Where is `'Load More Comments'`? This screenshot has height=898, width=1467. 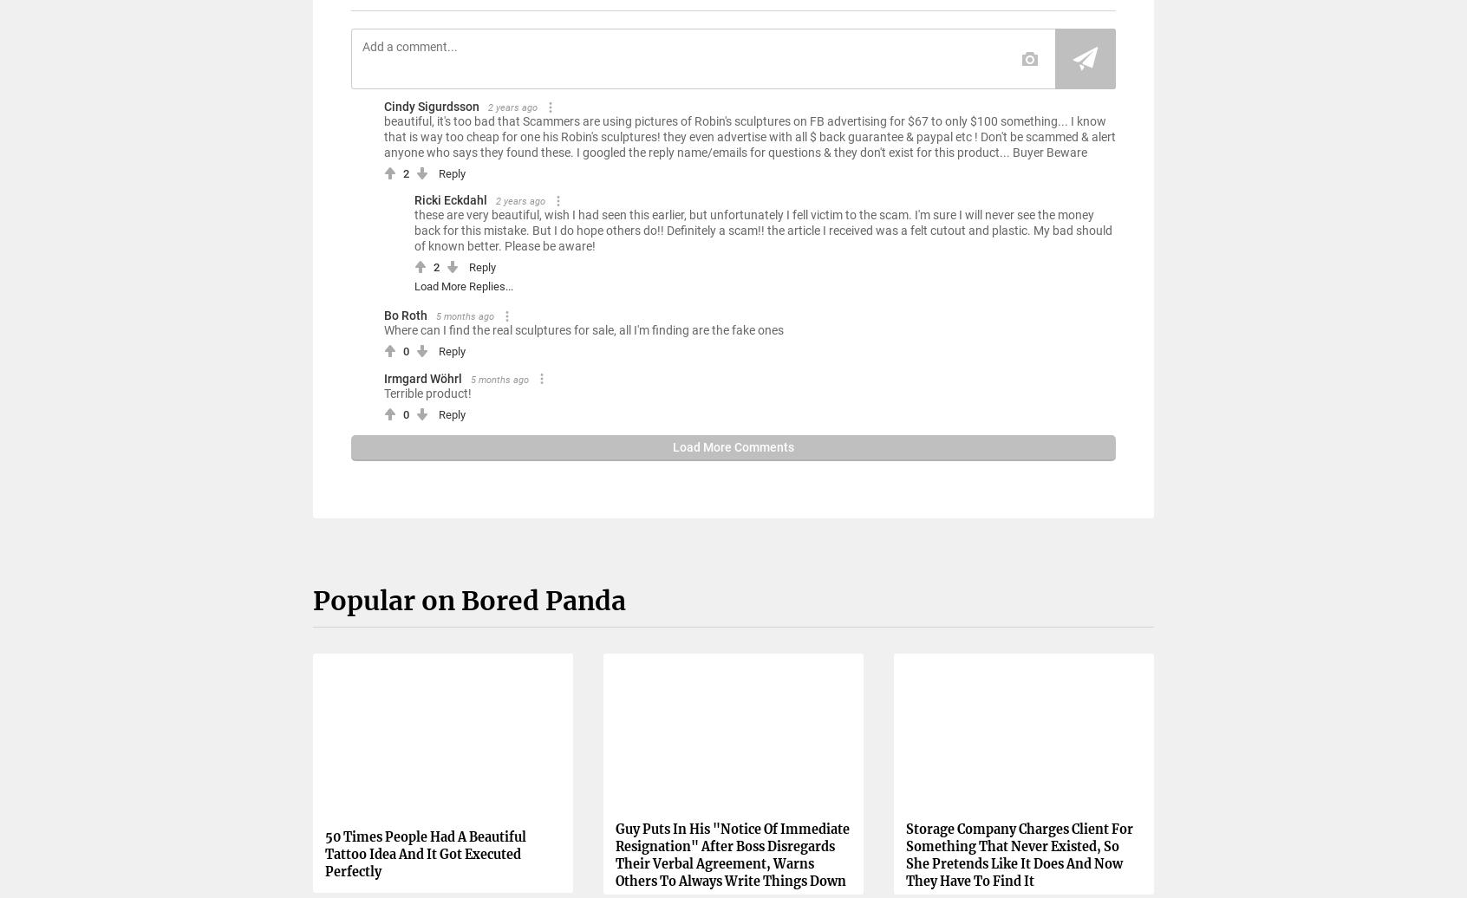 'Load More Comments' is located at coordinates (733, 446).